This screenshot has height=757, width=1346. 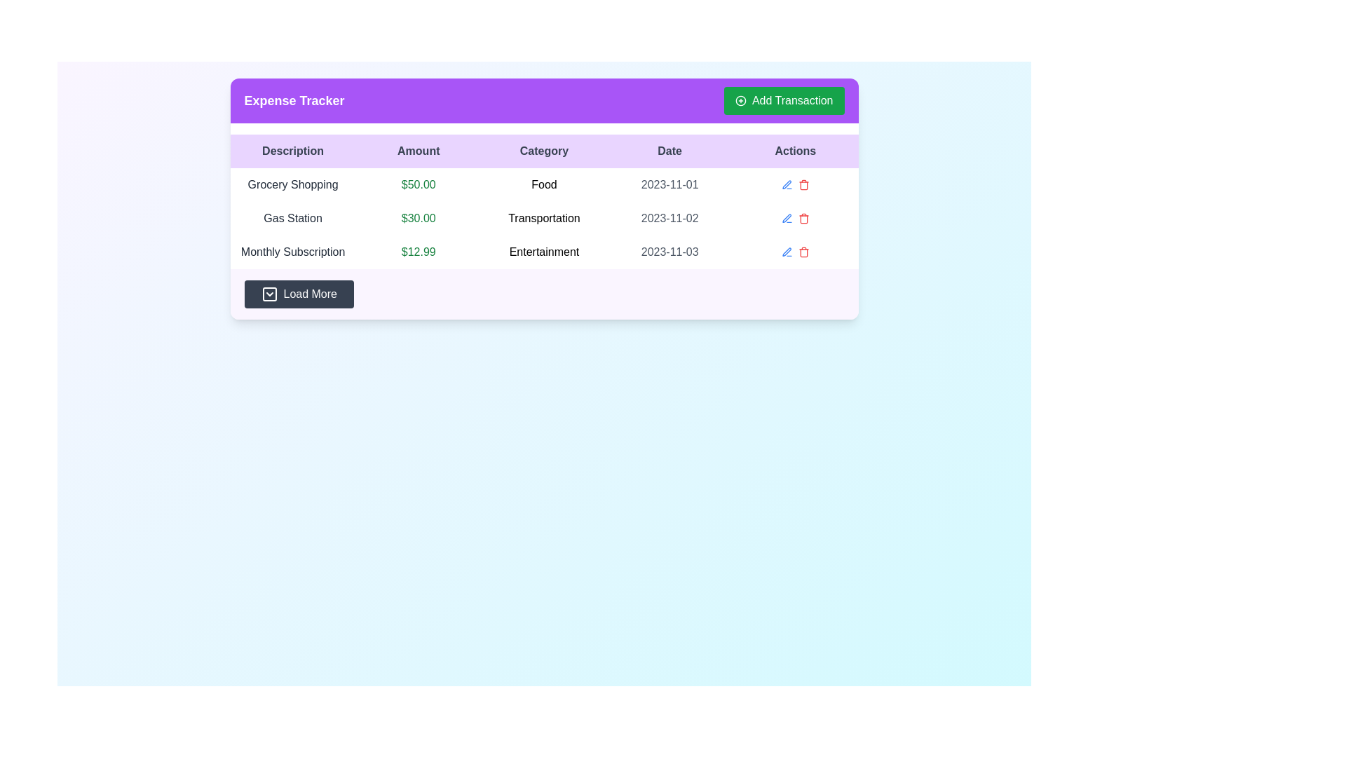 I want to click on the 'Gas Station' text label in the 'Description' column of the 'Expense Tracker' table, which is styled with medium font weight and gray color, so click(x=292, y=219).